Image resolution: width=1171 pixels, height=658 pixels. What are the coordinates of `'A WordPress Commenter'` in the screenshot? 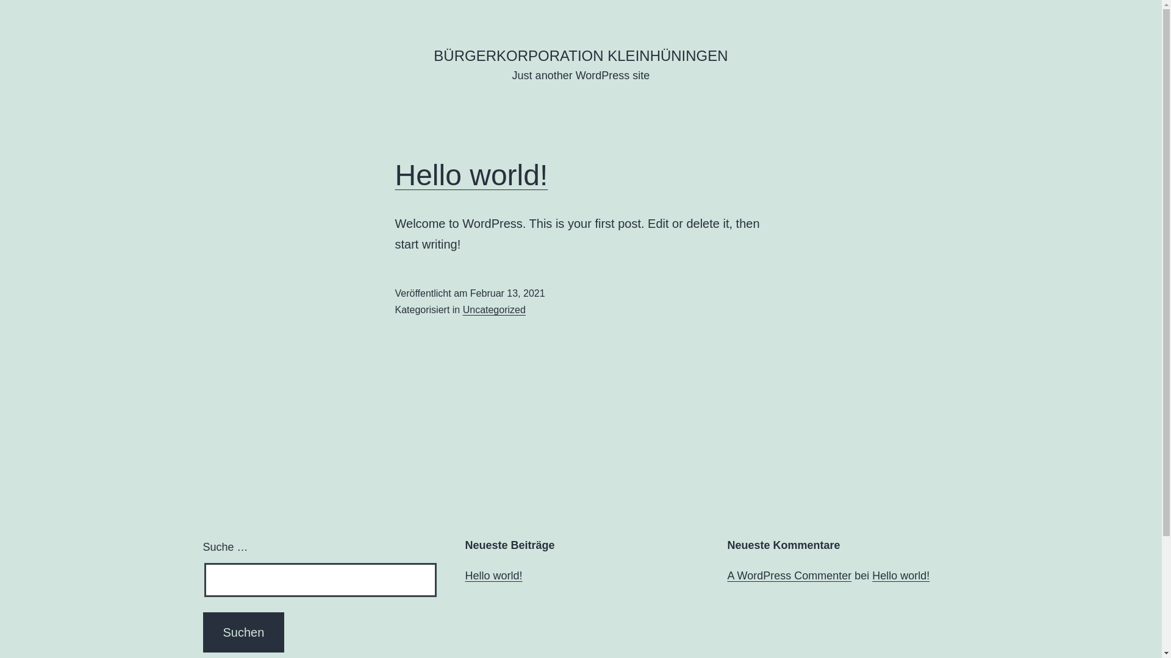 It's located at (789, 576).